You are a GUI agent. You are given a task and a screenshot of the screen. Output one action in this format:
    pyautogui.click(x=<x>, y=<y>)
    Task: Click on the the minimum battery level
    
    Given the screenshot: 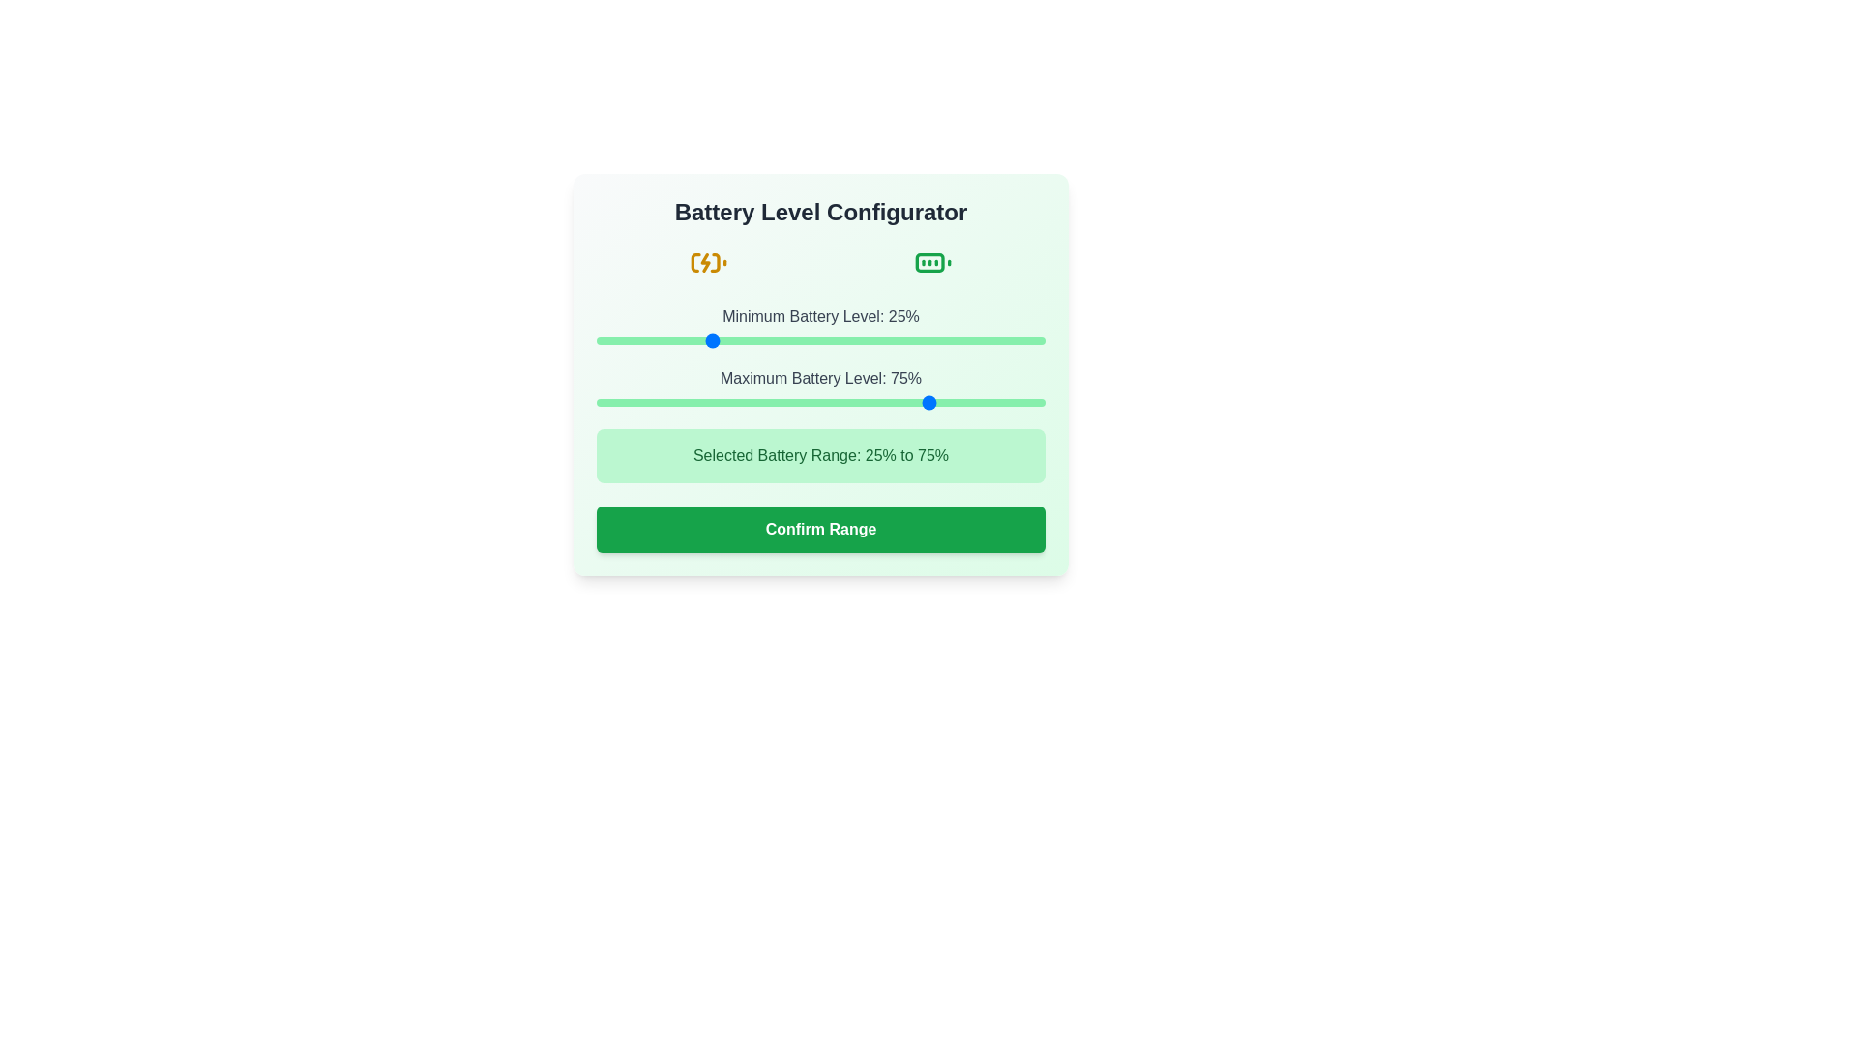 What is the action you would take?
    pyautogui.click(x=882, y=340)
    